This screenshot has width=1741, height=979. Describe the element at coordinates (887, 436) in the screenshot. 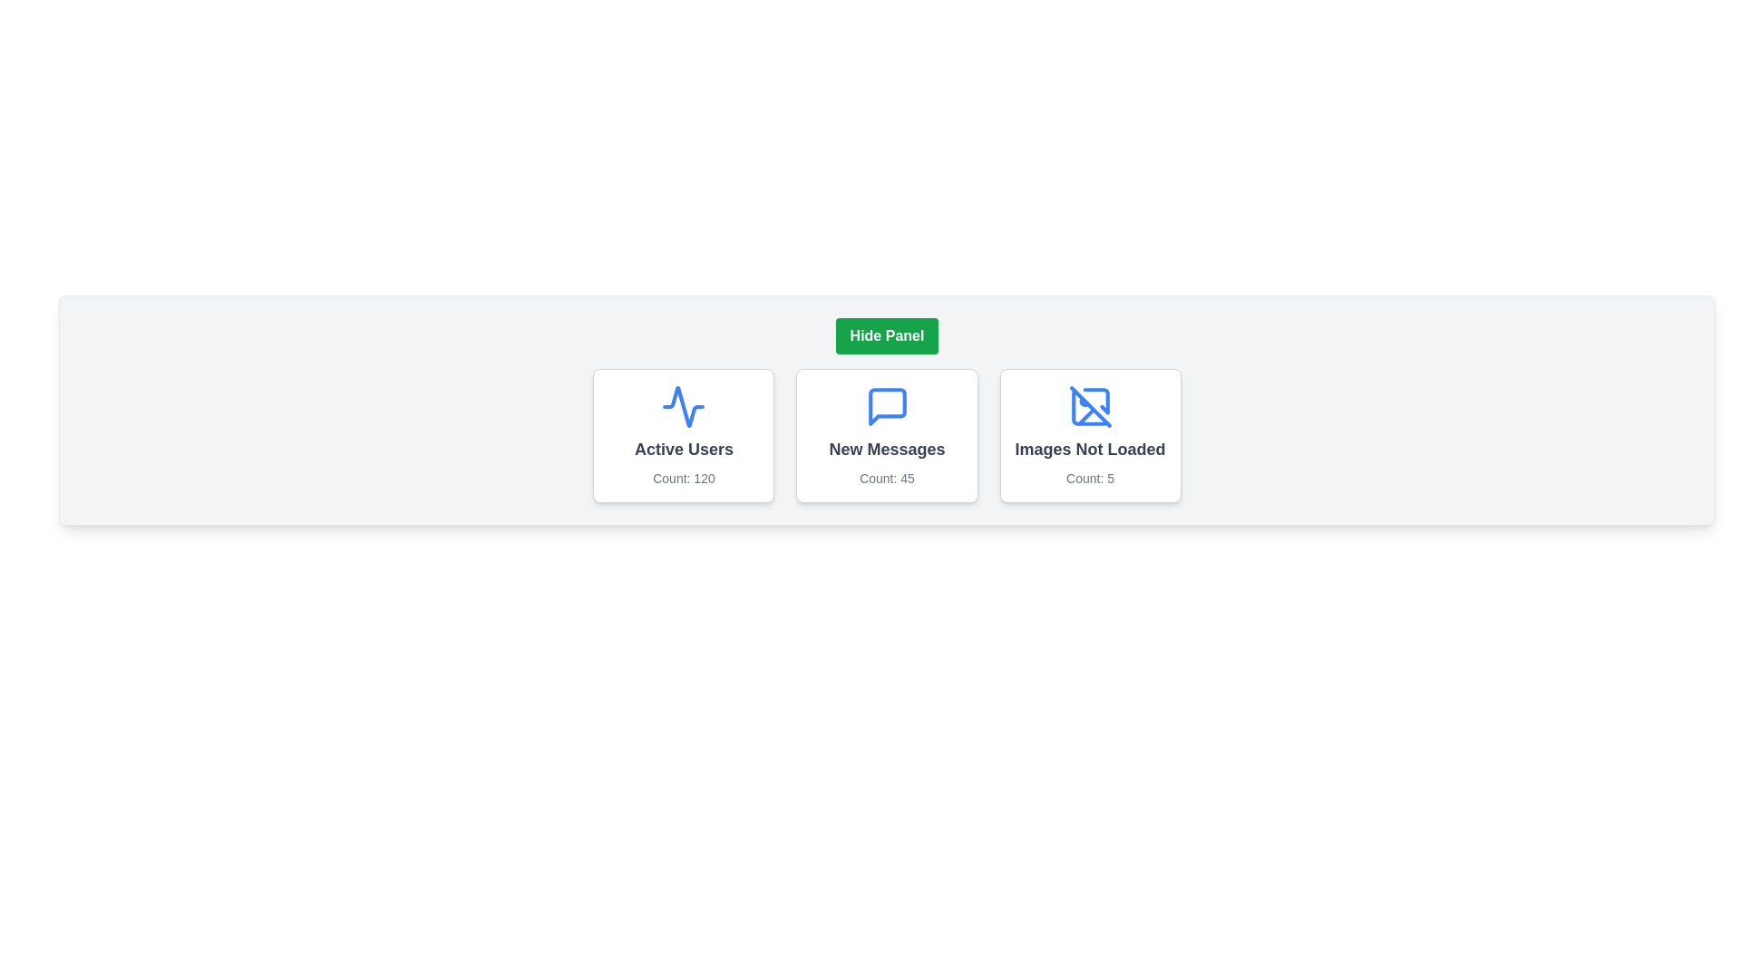

I see `the Information card that displays 'New Messages' with a count of 45, located in the center column of a three-column grid` at that location.